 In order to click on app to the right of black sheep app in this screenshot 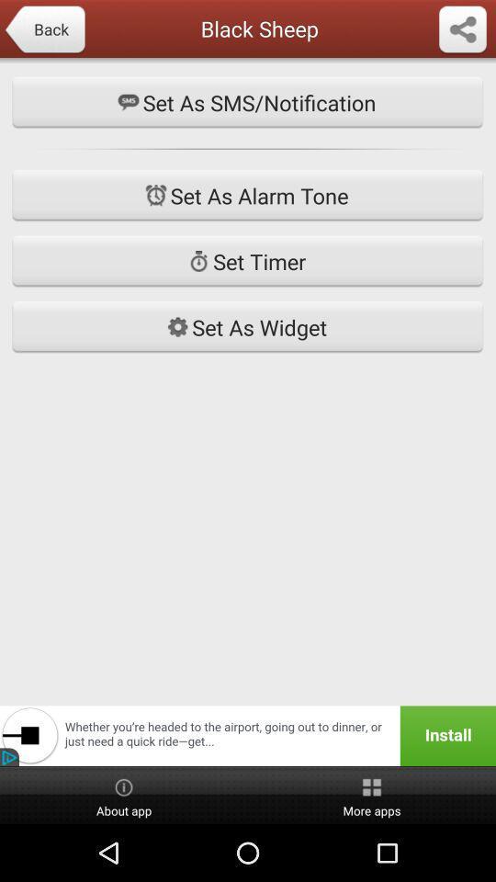, I will do `click(461, 29)`.